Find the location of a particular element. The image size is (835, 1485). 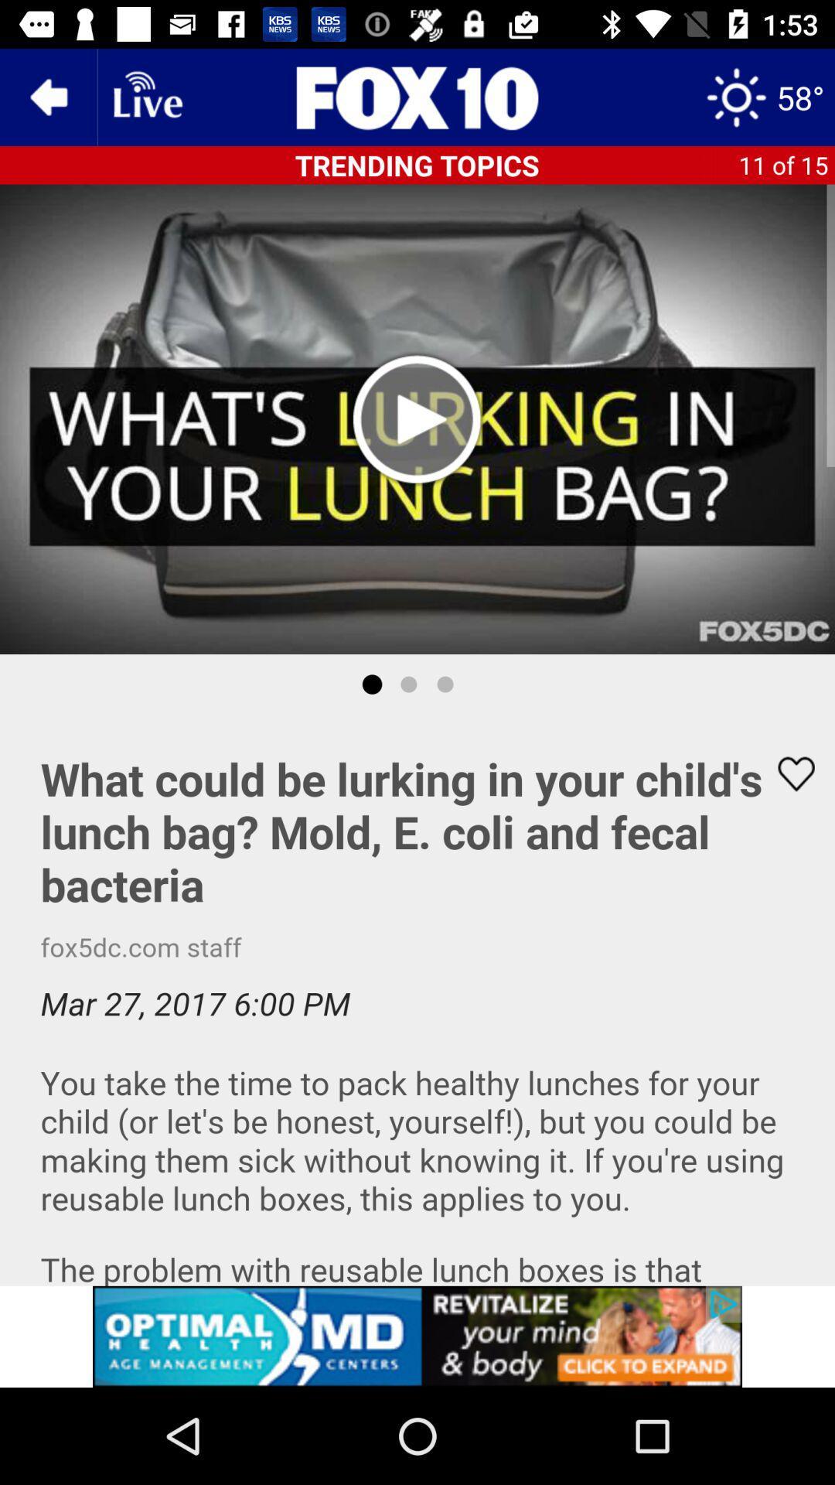

live is located at coordinates (146, 96).